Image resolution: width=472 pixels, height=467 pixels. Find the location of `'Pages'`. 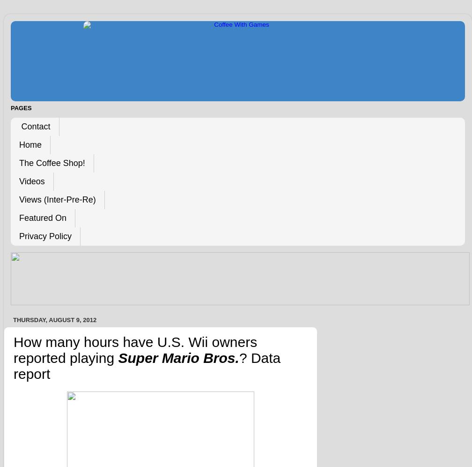

'Pages' is located at coordinates (21, 107).